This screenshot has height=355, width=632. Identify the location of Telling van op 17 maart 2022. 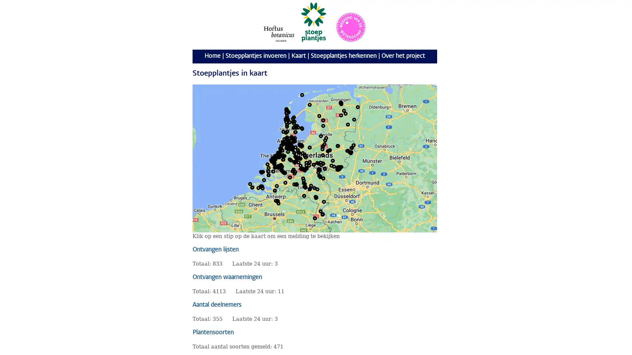
(286, 119).